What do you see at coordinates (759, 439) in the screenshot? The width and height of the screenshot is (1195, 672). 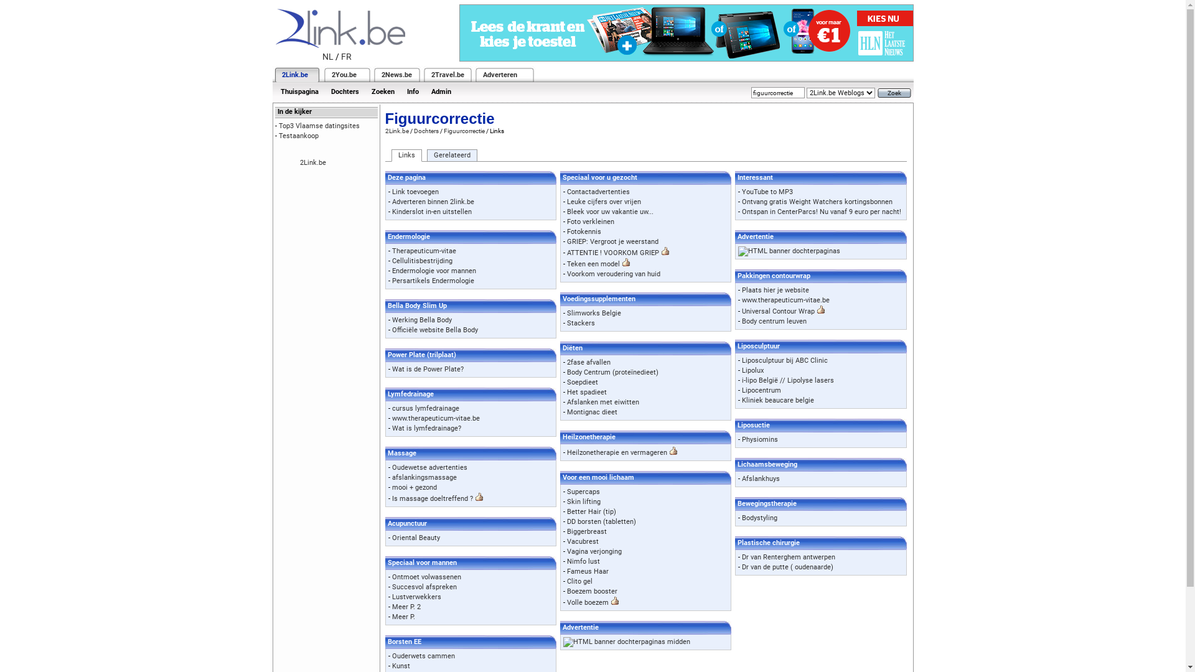 I see `'Physiomins'` at bounding box center [759, 439].